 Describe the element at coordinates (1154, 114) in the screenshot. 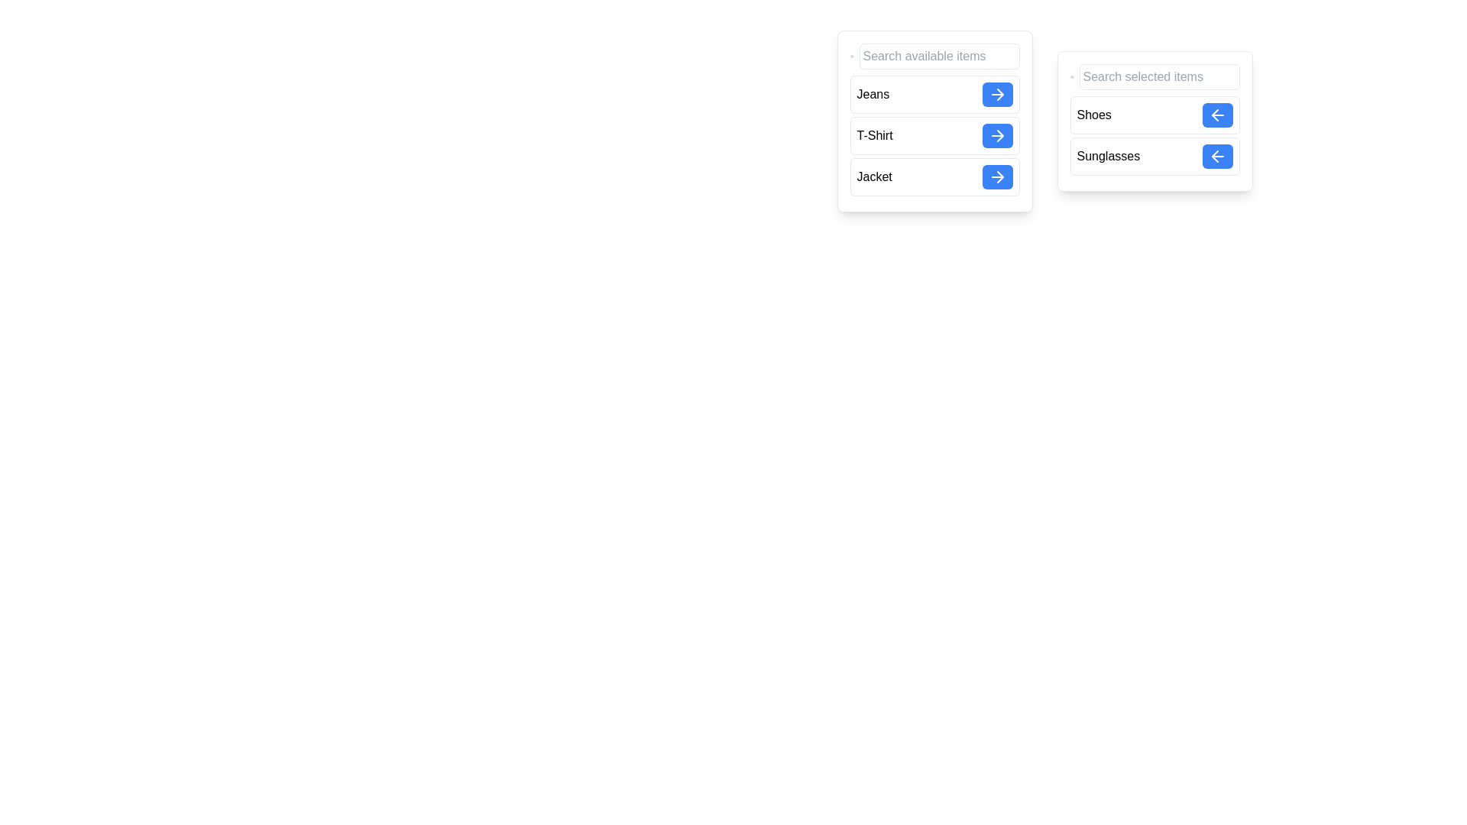

I see `the selectable list entry labeled 'Shoes'` at that location.